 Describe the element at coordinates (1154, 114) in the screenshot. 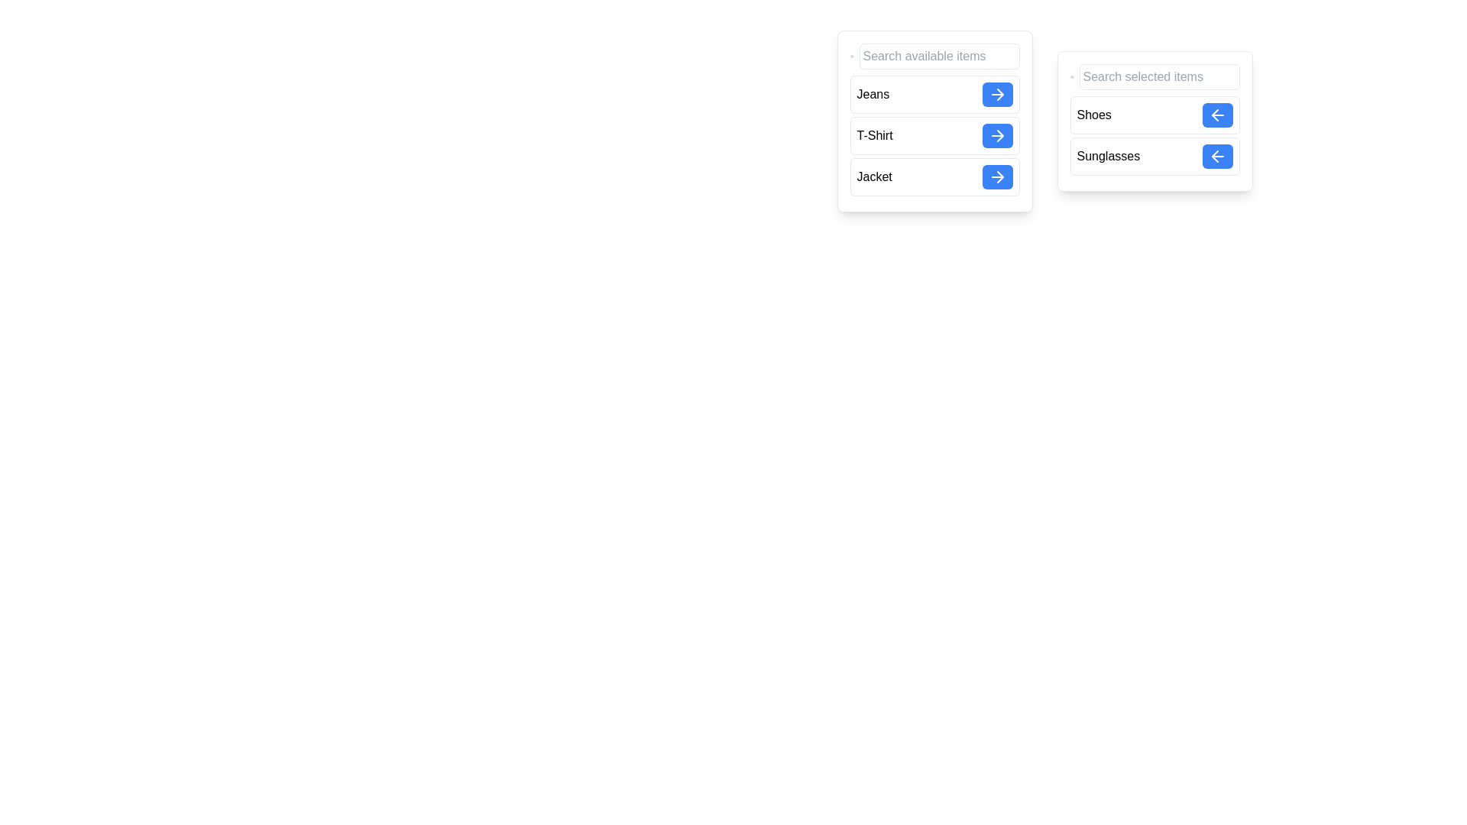

I see `the selectable list entry labeled 'Shoes'` at that location.